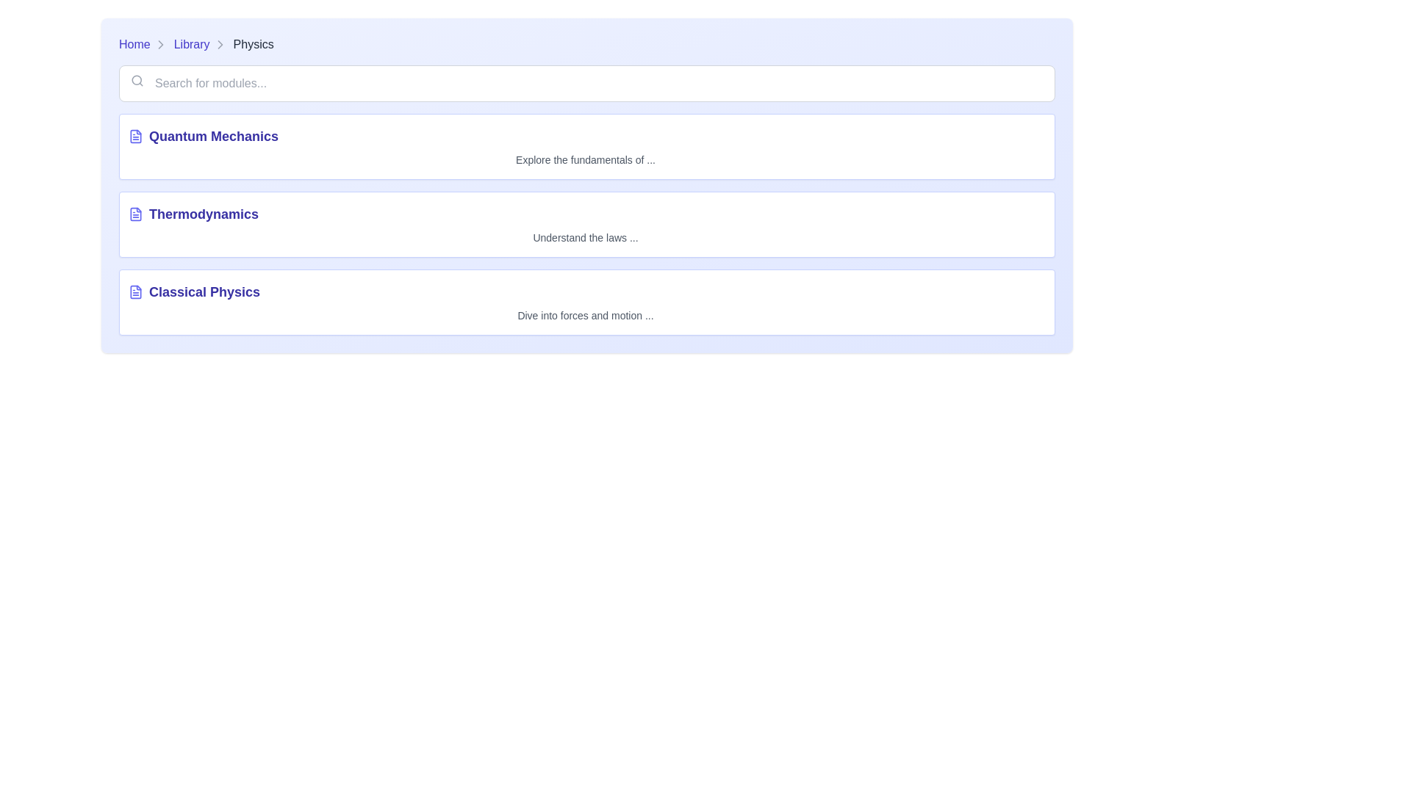 Image resolution: width=1411 pixels, height=793 pixels. I want to click on the text label that provides a brief descriptive summary related to the 'Thermodynamics' module, which is located directly under the title text in the card interface, so click(584, 237).